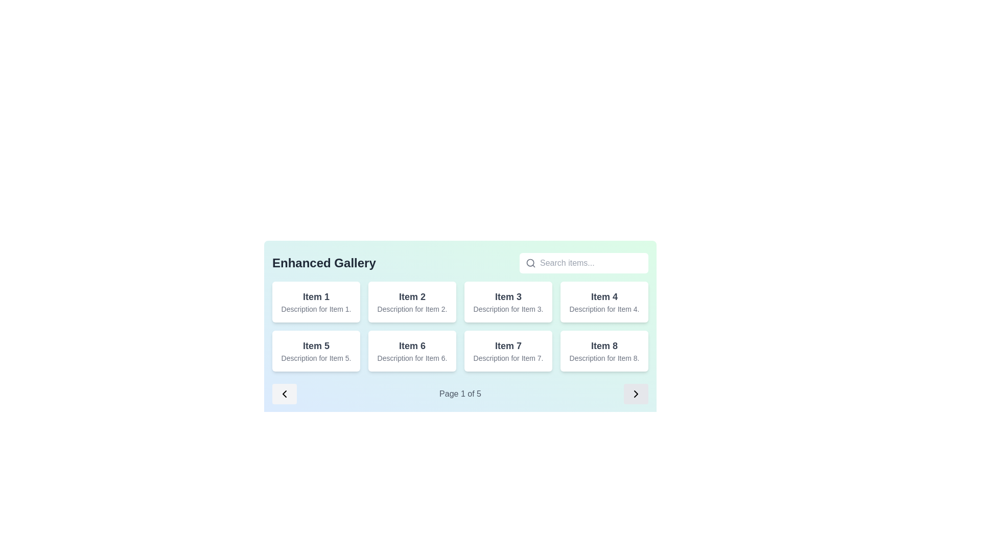  I want to click on text label displaying 'Item 3' located in the third card of the grid layout above the descriptive text 'Description for Item 3.', so click(508, 297).